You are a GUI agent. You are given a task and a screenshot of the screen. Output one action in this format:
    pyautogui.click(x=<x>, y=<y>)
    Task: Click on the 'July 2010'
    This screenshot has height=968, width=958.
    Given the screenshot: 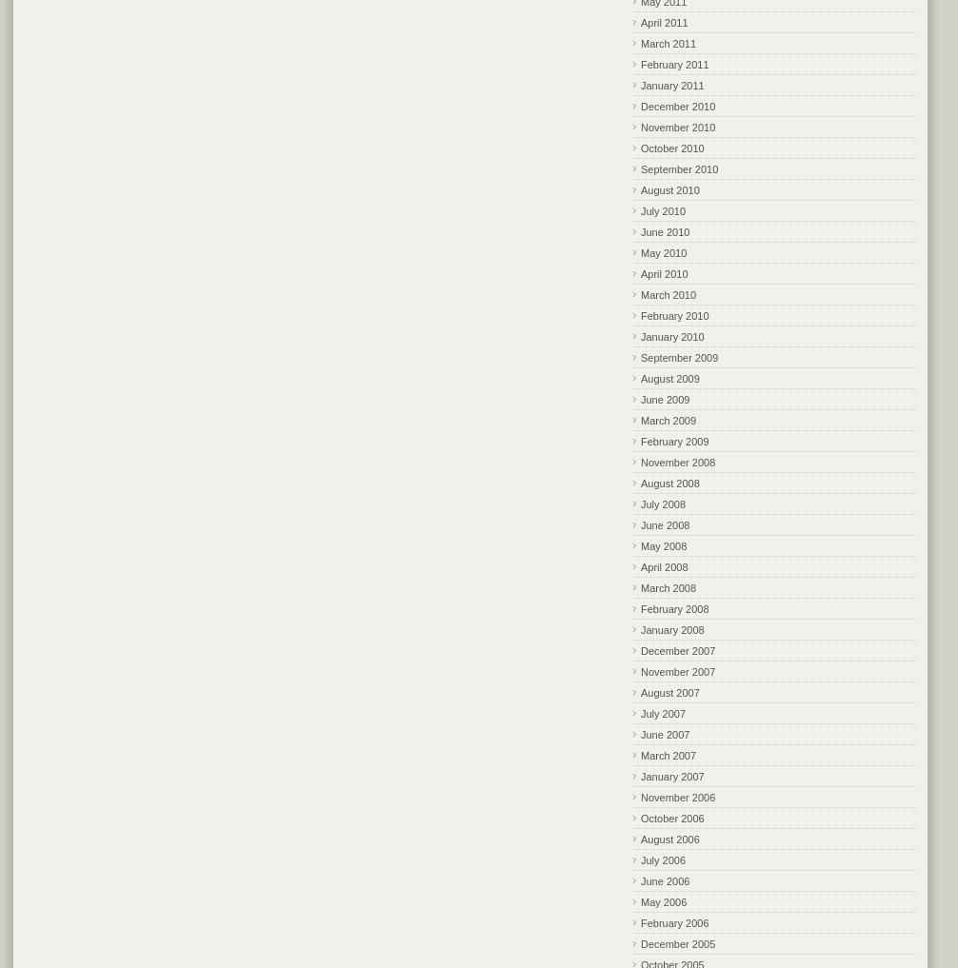 What is the action you would take?
    pyautogui.click(x=663, y=209)
    